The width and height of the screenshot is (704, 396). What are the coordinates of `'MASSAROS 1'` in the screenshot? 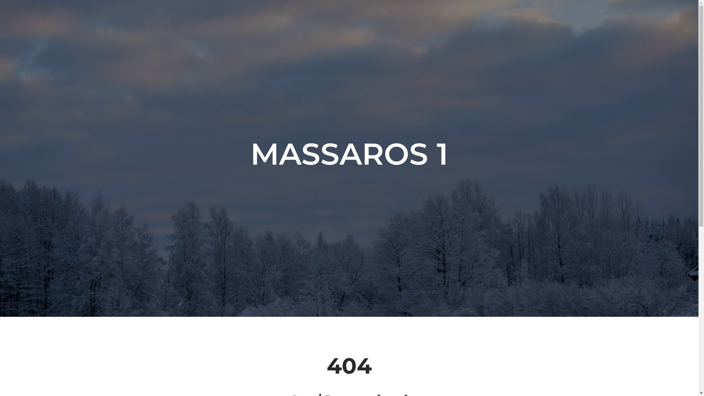 It's located at (349, 154).